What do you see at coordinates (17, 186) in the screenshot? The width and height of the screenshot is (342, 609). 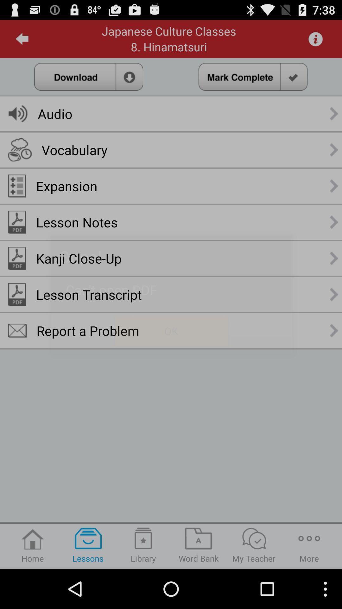 I see `the icon beside the expansion` at bounding box center [17, 186].